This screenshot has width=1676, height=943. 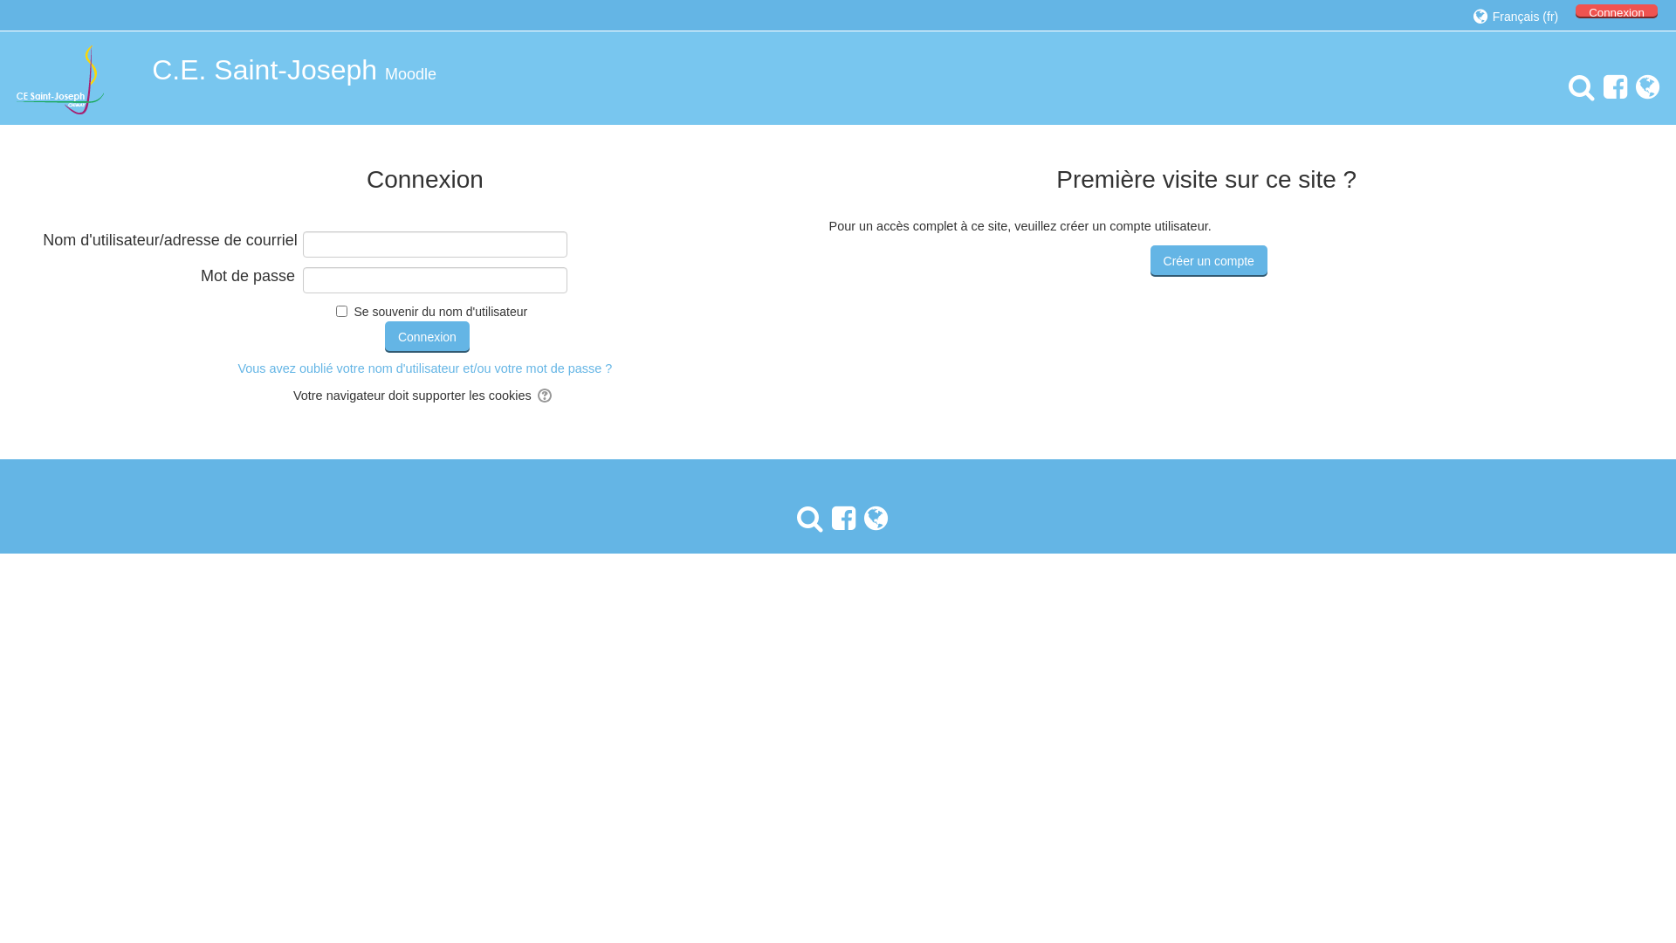 What do you see at coordinates (804, 518) in the screenshot?
I see `'Recherche'` at bounding box center [804, 518].